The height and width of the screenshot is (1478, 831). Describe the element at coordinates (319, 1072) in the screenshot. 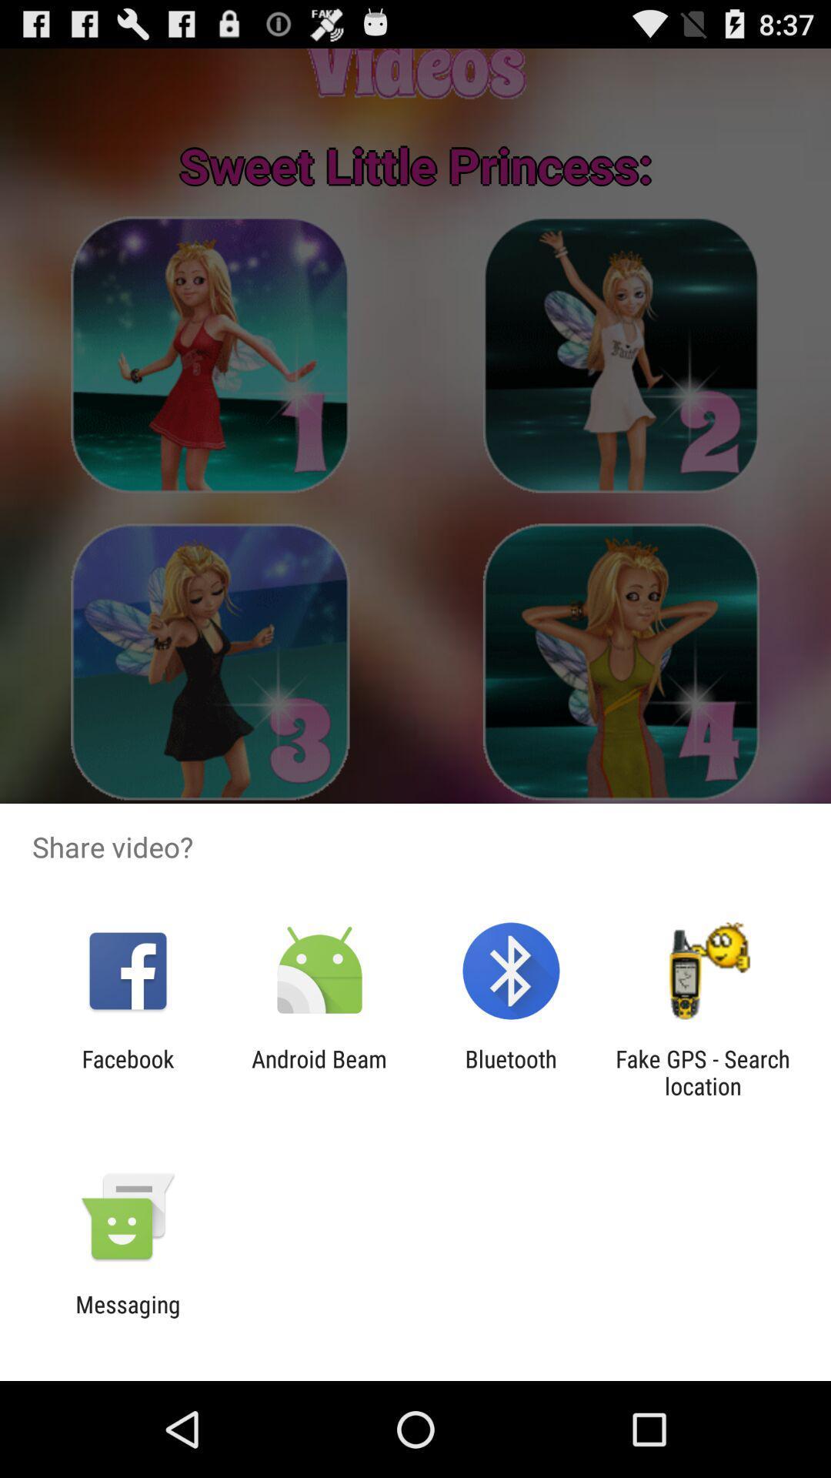

I see `android beam app` at that location.